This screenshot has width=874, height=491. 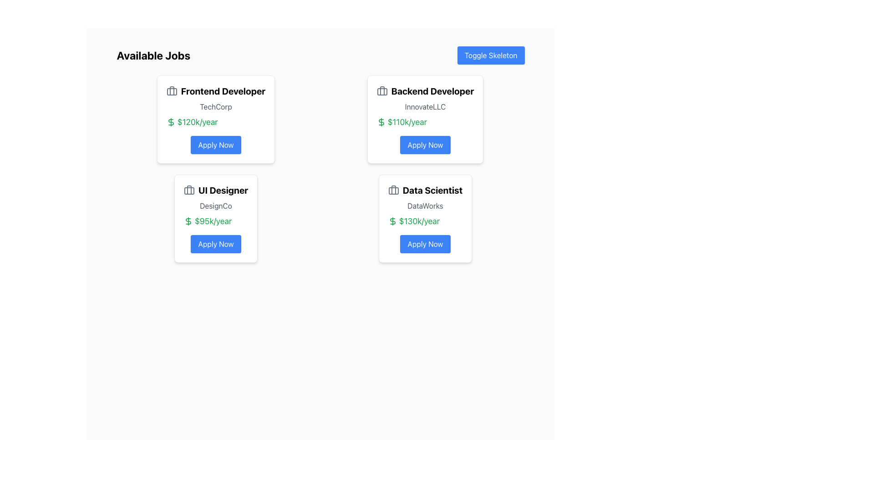 What do you see at coordinates (215, 219) in the screenshot?
I see `the Job Listing Card for the UI Designer position at DesignCo to trigger potential effects` at bounding box center [215, 219].